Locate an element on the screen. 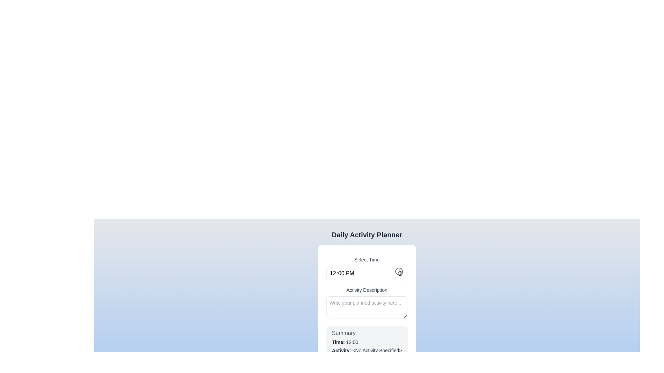 Image resolution: width=664 pixels, height=373 pixels. the second text line that displays information about the user's activity selection, located below the 'Time: 12:00' label in the summary section is located at coordinates (366, 350).